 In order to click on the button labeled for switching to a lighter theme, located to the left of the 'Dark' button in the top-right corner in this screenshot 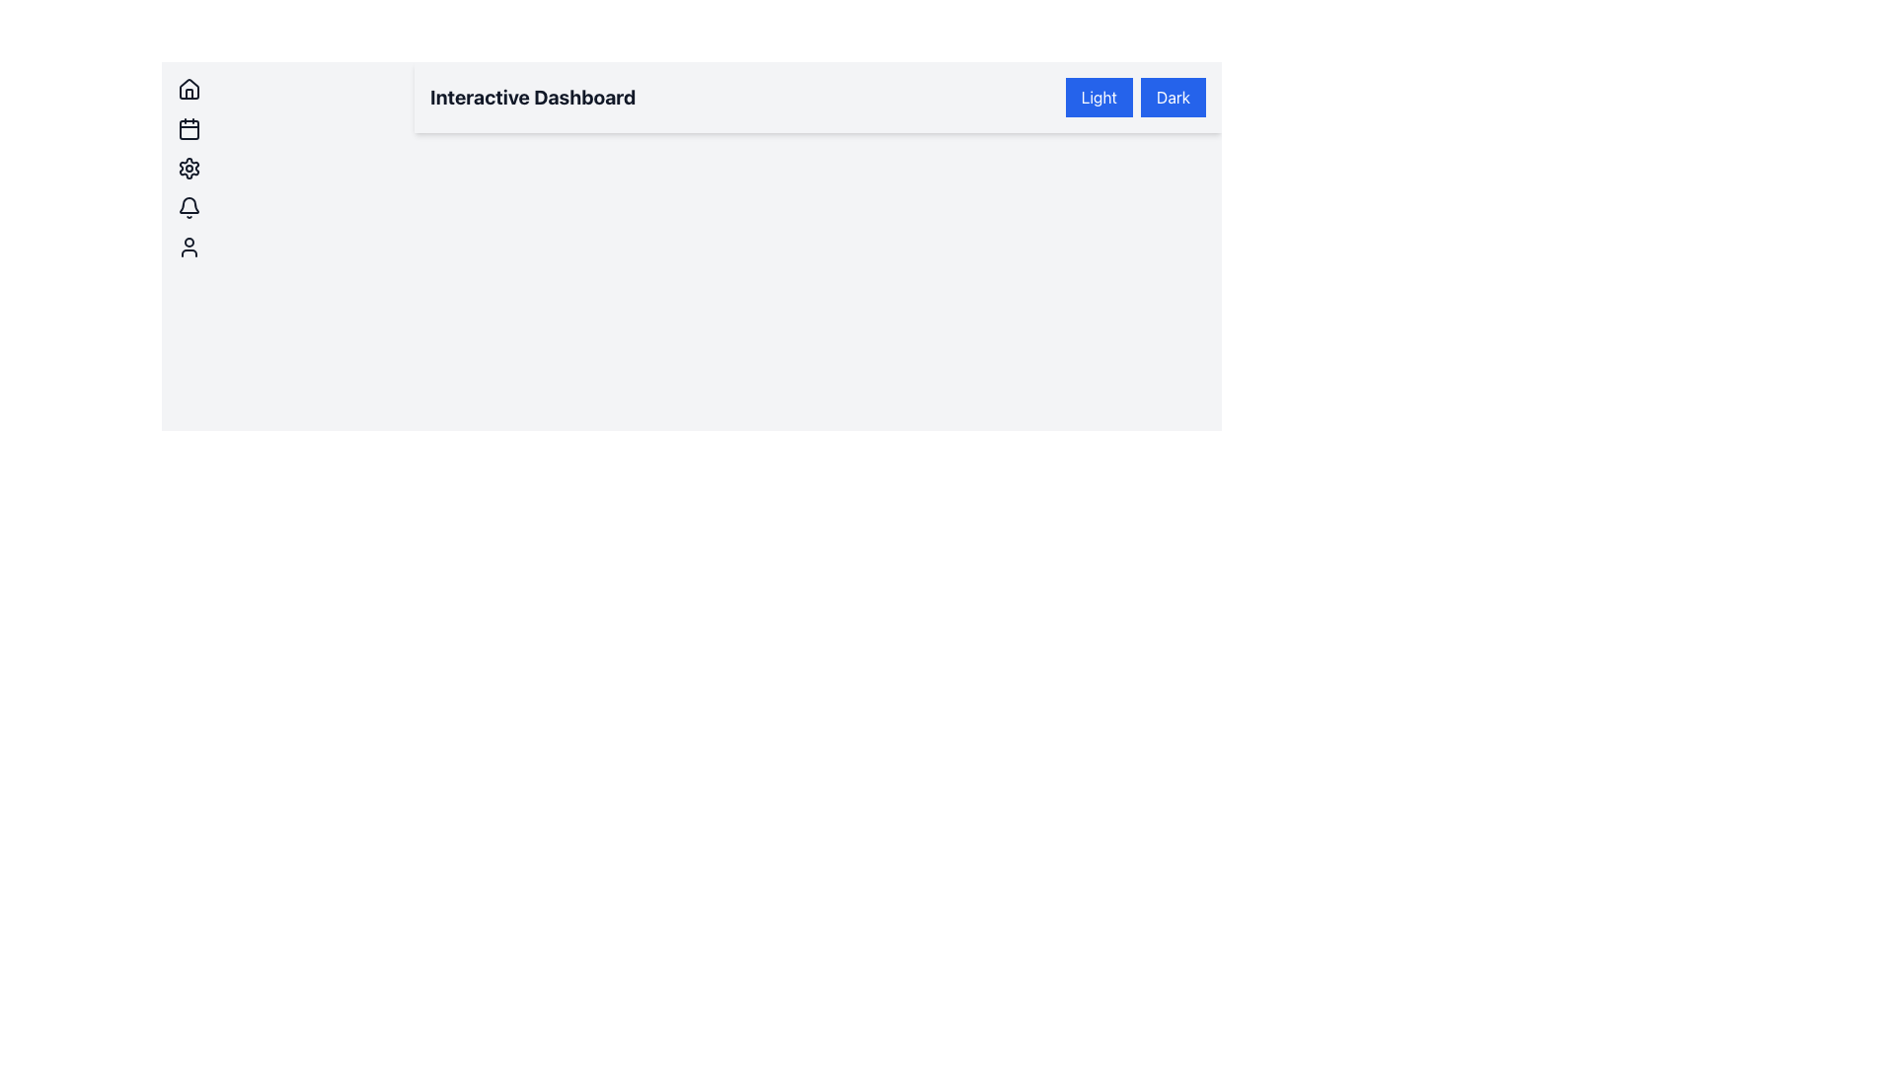, I will do `click(1098, 98)`.